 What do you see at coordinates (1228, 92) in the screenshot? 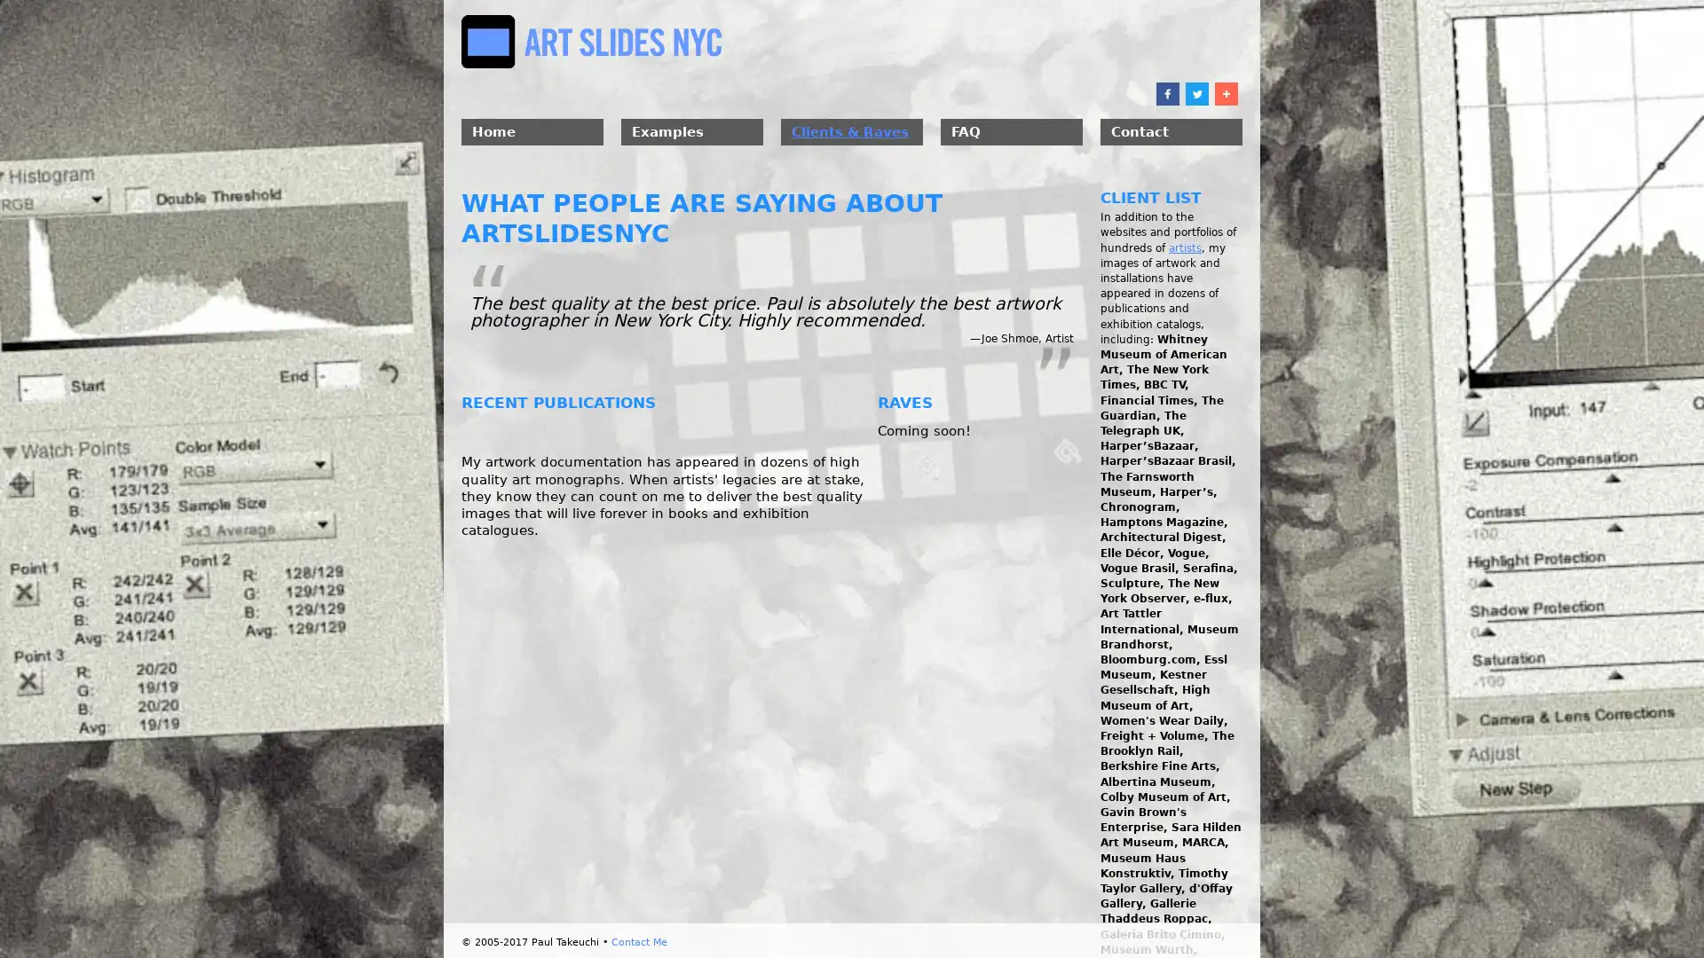
I see `Share to More` at bounding box center [1228, 92].